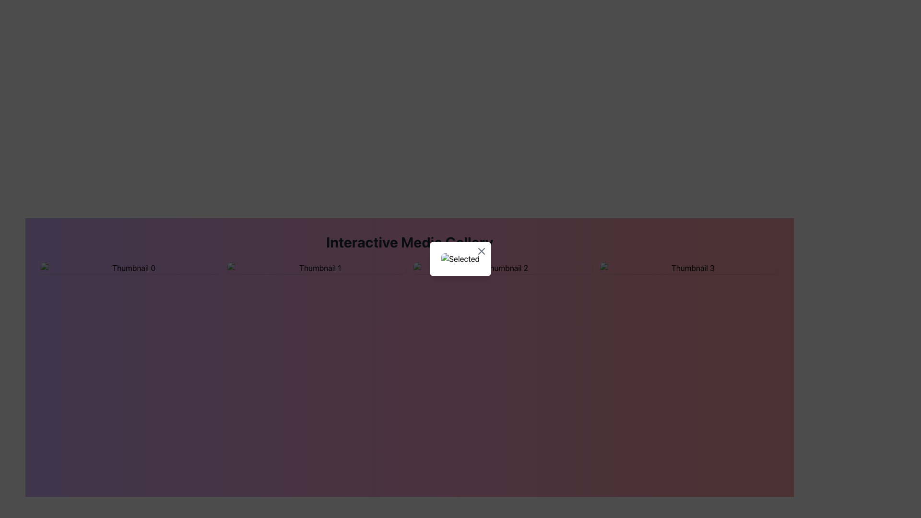  What do you see at coordinates (130, 268) in the screenshot?
I see `the interactive thumbnail with a text label in the media gallery` at bounding box center [130, 268].